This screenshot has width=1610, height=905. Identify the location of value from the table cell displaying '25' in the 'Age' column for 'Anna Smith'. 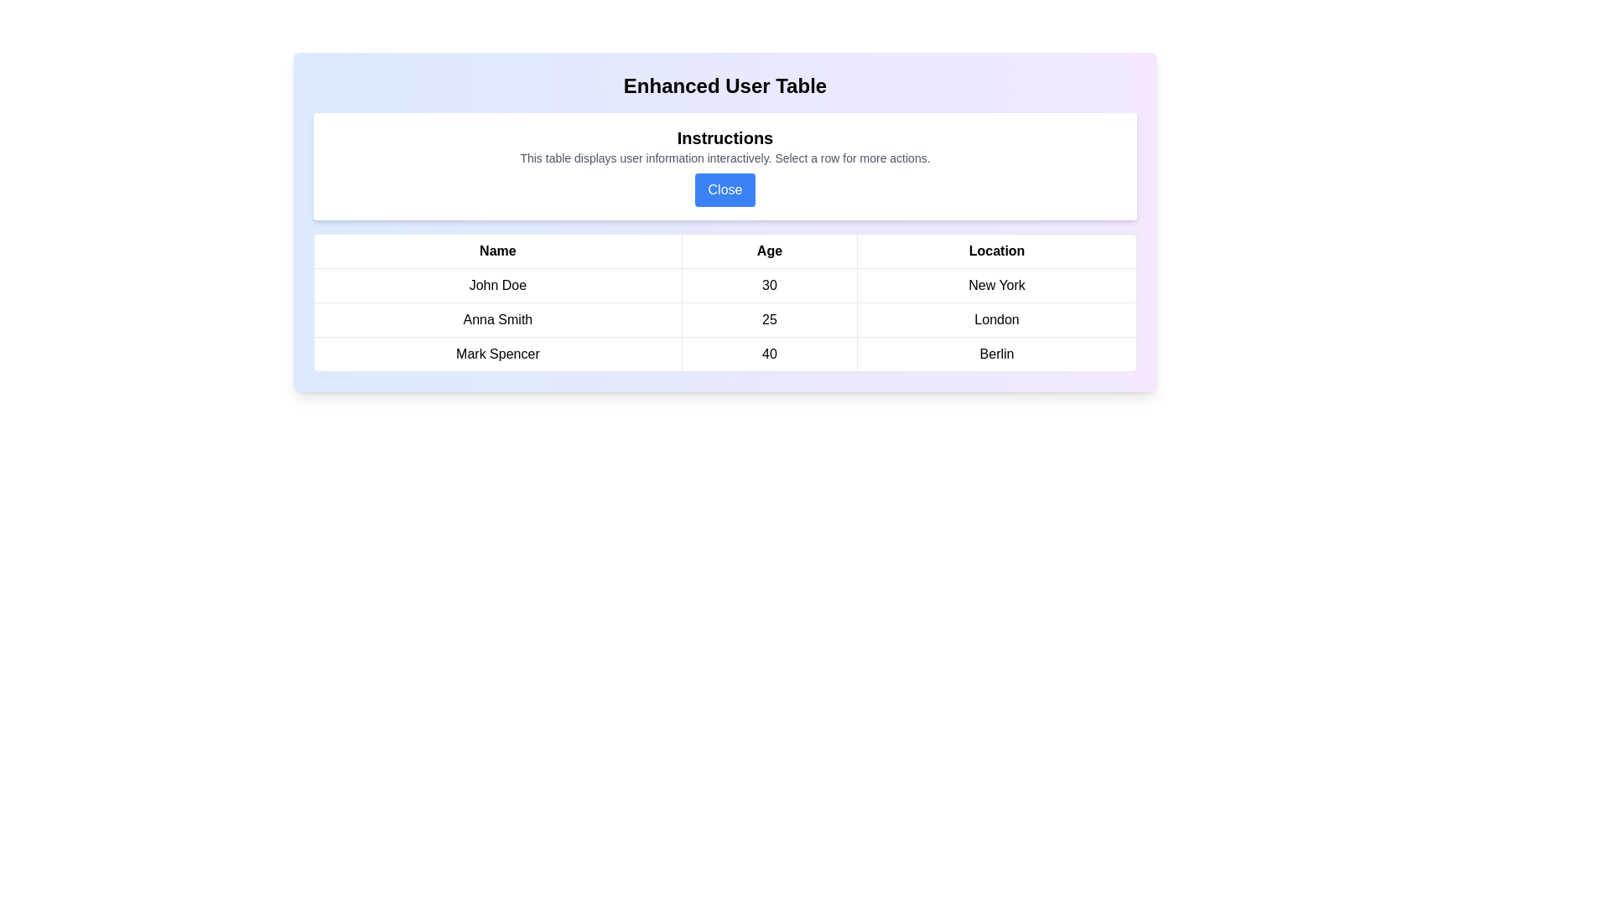
(768, 319).